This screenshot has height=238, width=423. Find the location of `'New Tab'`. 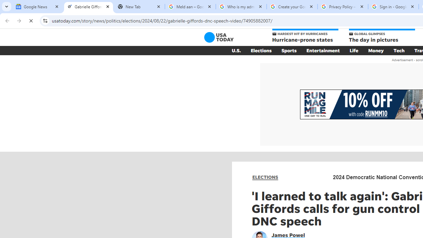

'New Tab' is located at coordinates (139, 7).